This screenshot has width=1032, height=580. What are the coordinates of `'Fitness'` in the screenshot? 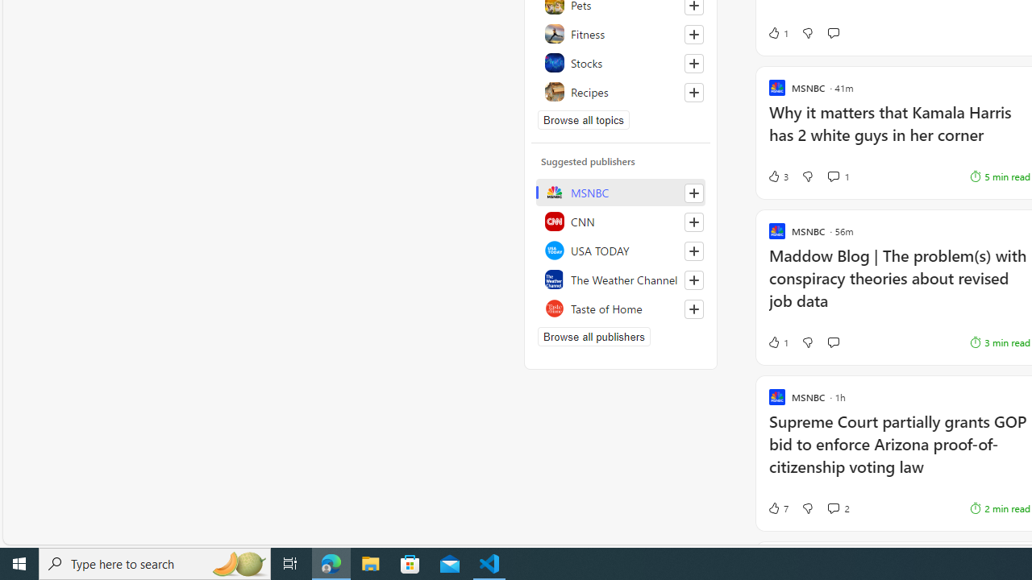 It's located at (620, 34).